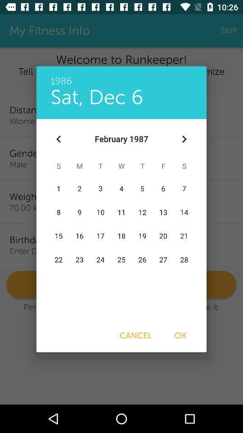  I want to click on the item above the ok icon, so click(184, 139).